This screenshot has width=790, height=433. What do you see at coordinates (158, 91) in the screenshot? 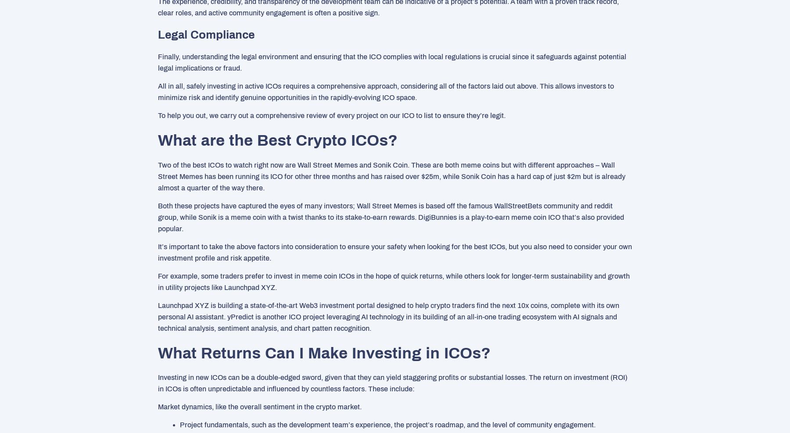
I see `'All in all, safely investing in active ICOs requires a comprehensive approach, considering all of the factors laid out above. This allows investors to minimize risk and identify genuine opportunities in the rapidly-evolving ICO space.'` at bounding box center [158, 91].